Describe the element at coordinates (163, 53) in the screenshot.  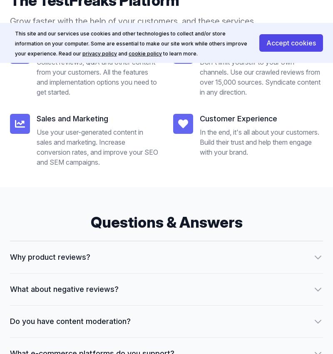
I see `'to learn more.'` at that location.